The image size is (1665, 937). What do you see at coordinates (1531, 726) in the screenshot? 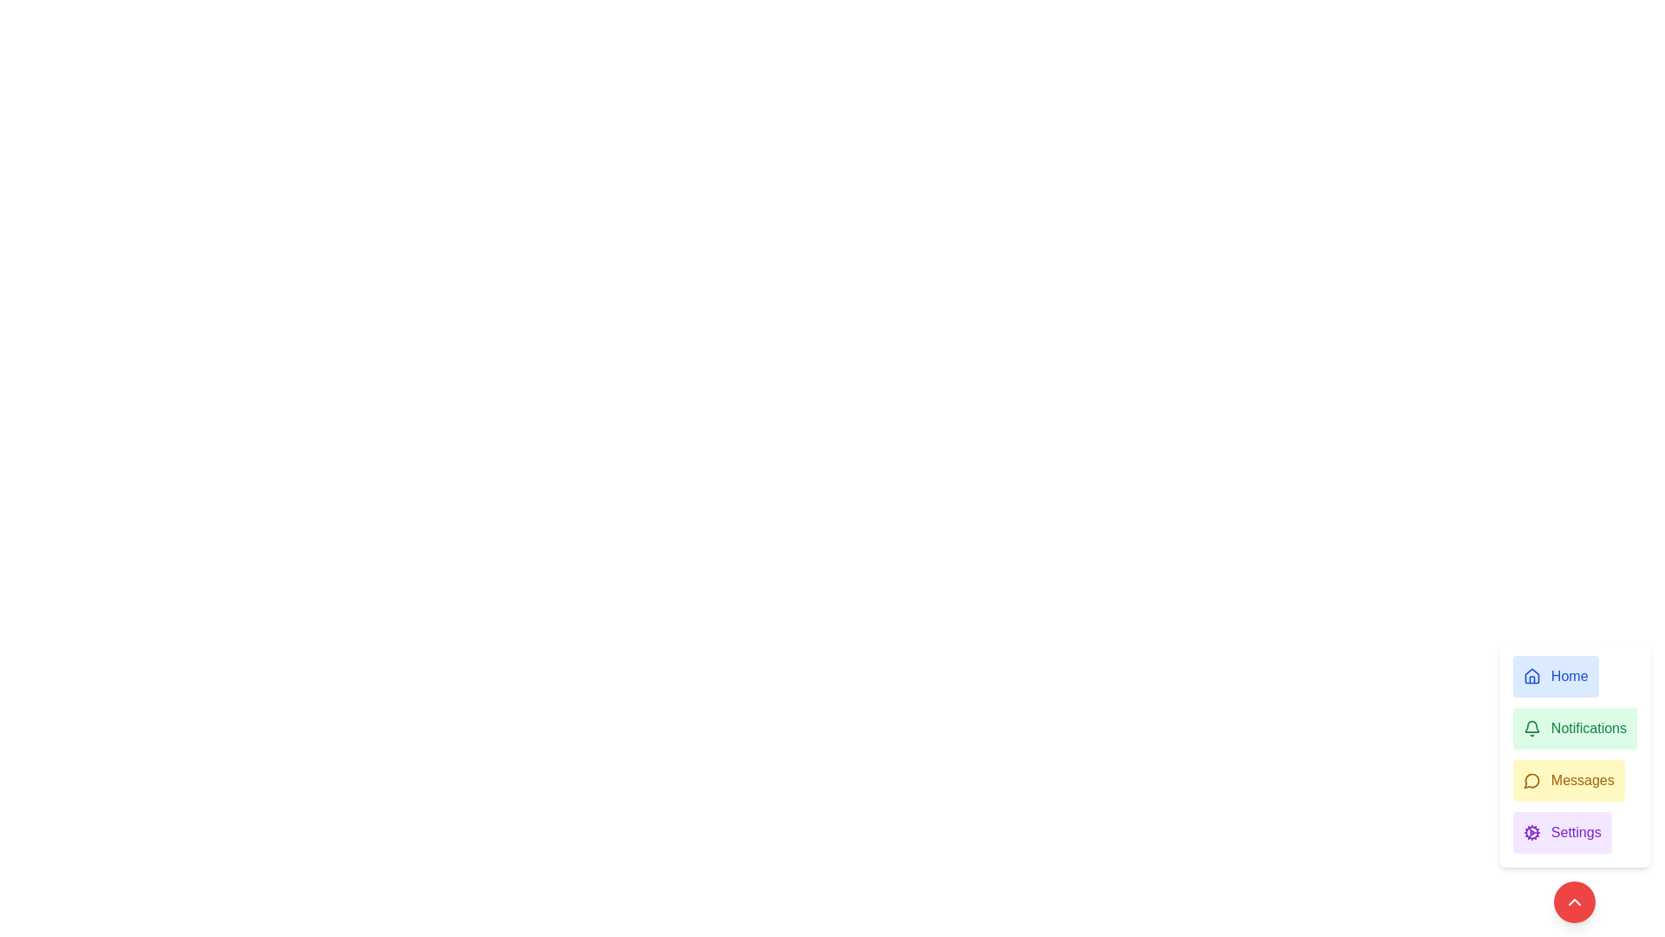
I see `the notification icon located in the sidebar interface area, positioned below the 'Notifications' label` at bounding box center [1531, 726].